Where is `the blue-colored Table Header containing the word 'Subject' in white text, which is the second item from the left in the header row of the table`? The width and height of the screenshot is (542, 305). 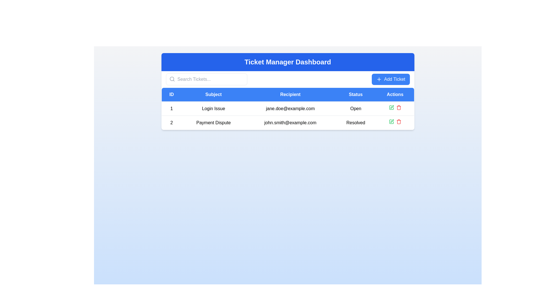
the blue-colored Table Header containing the word 'Subject' in white text, which is the second item from the left in the header row of the table is located at coordinates (213, 94).